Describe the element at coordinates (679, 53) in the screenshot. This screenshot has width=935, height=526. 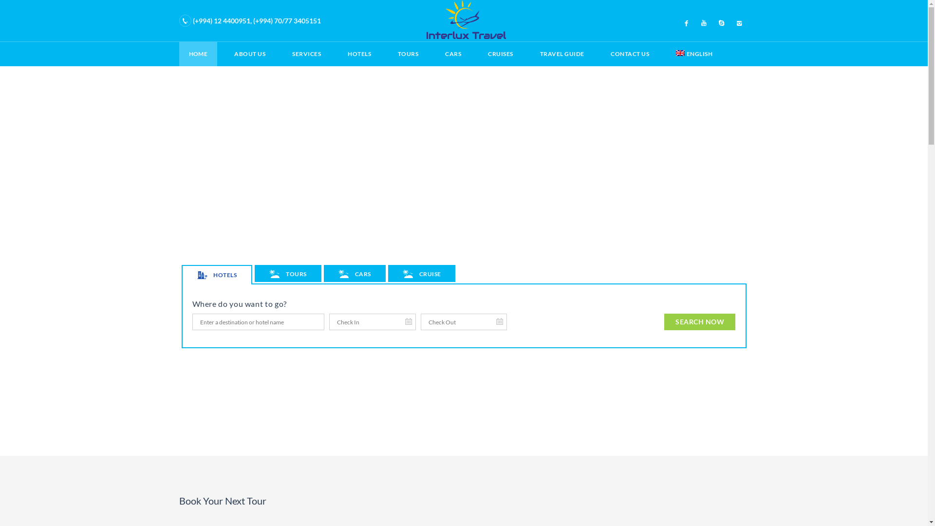
I see `'English'` at that location.